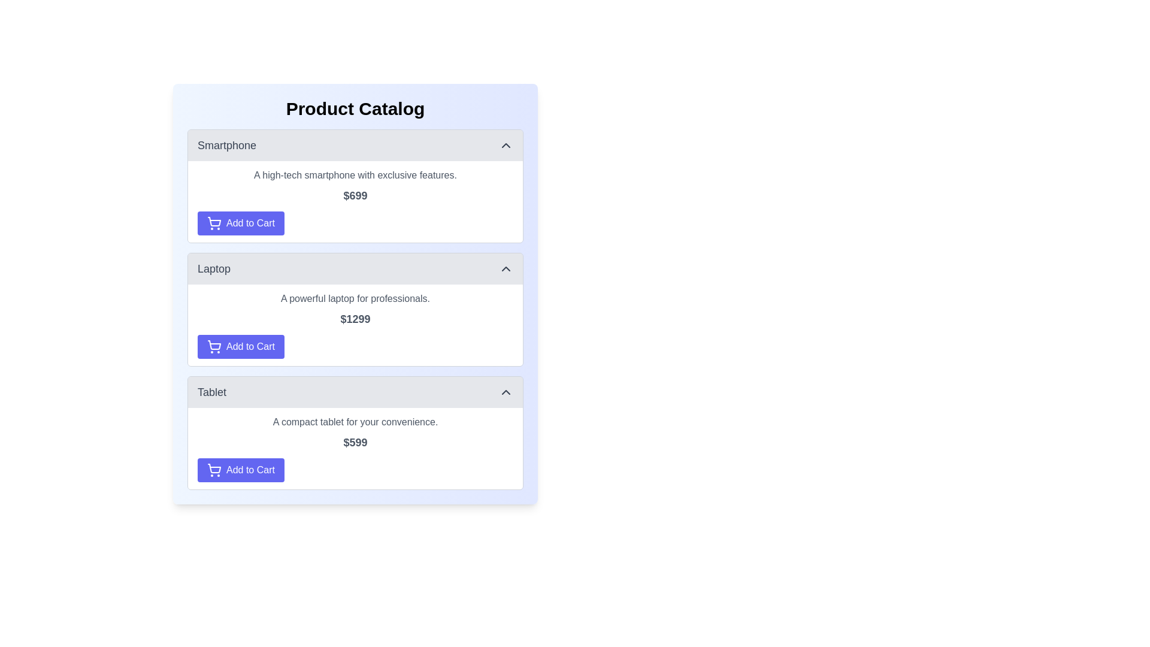  What do you see at coordinates (214, 223) in the screenshot?
I see `the 'Add to Cart' button which contains the shopping cart icon styled as an outline sketch, located at the bottom-left corner of the product card for the 'Smartphone' item` at bounding box center [214, 223].